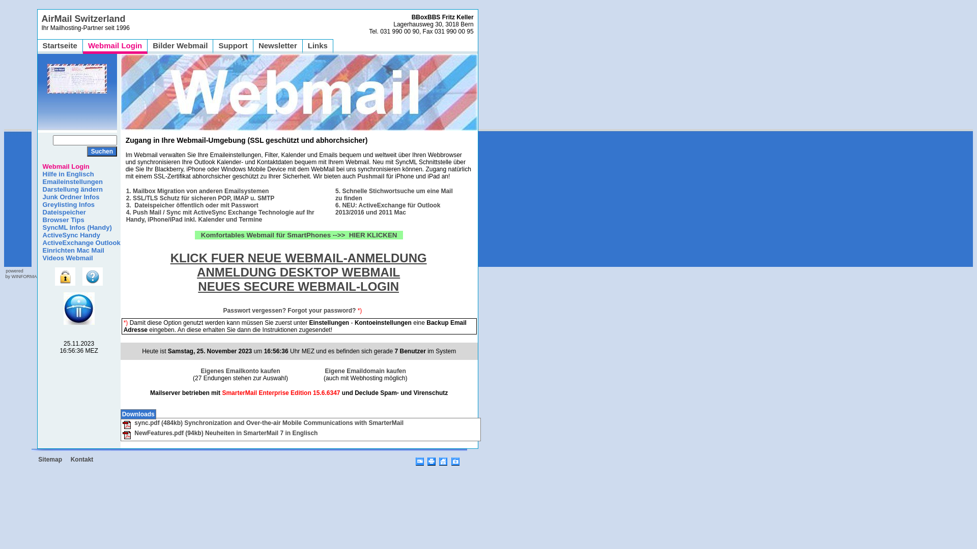 The height and width of the screenshot is (549, 977). Describe the element at coordinates (74, 227) in the screenshot. I see `'SyncML Infos (Handy)'` at that location.